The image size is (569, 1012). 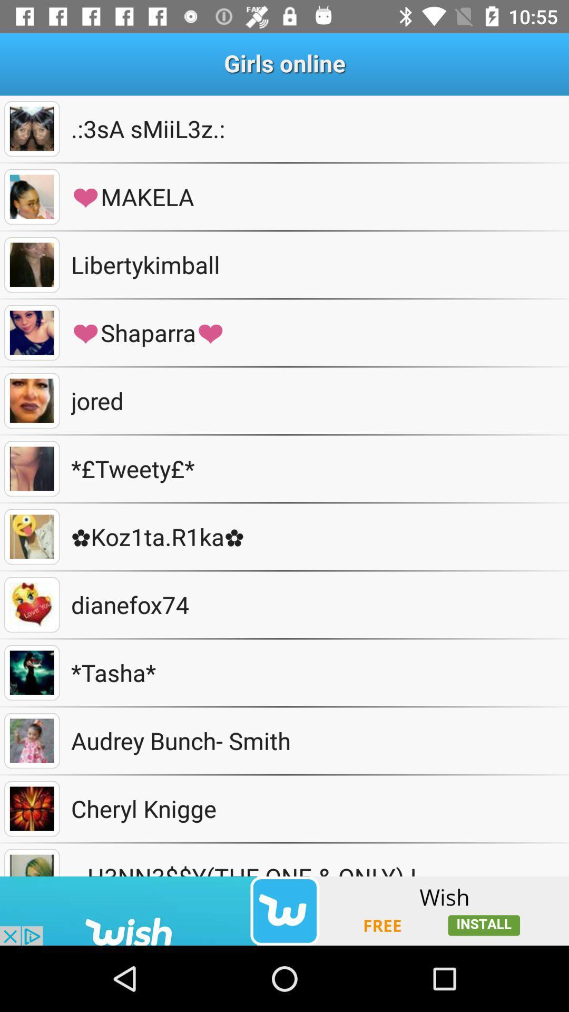 What do you see at coordinates (31, 128) in the screenshot?
I see `face book page` at bounding box center [31, 128].